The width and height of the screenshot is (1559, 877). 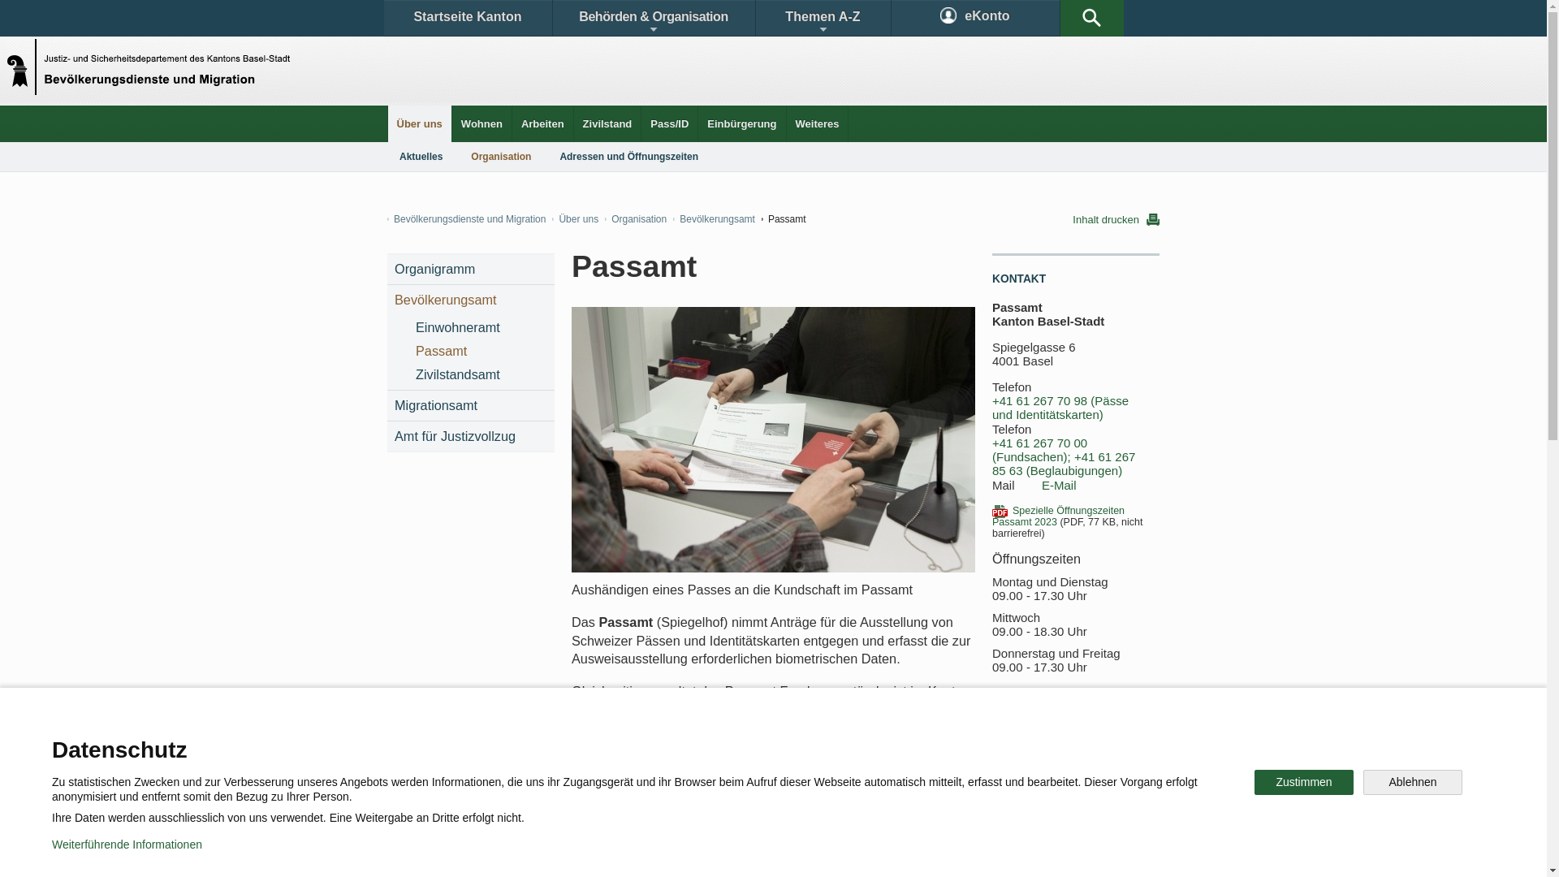 What do you see at coordinates (669, 123) in the screenshot?
I see `'Pass/ID'` at bounding box center [669, 123].